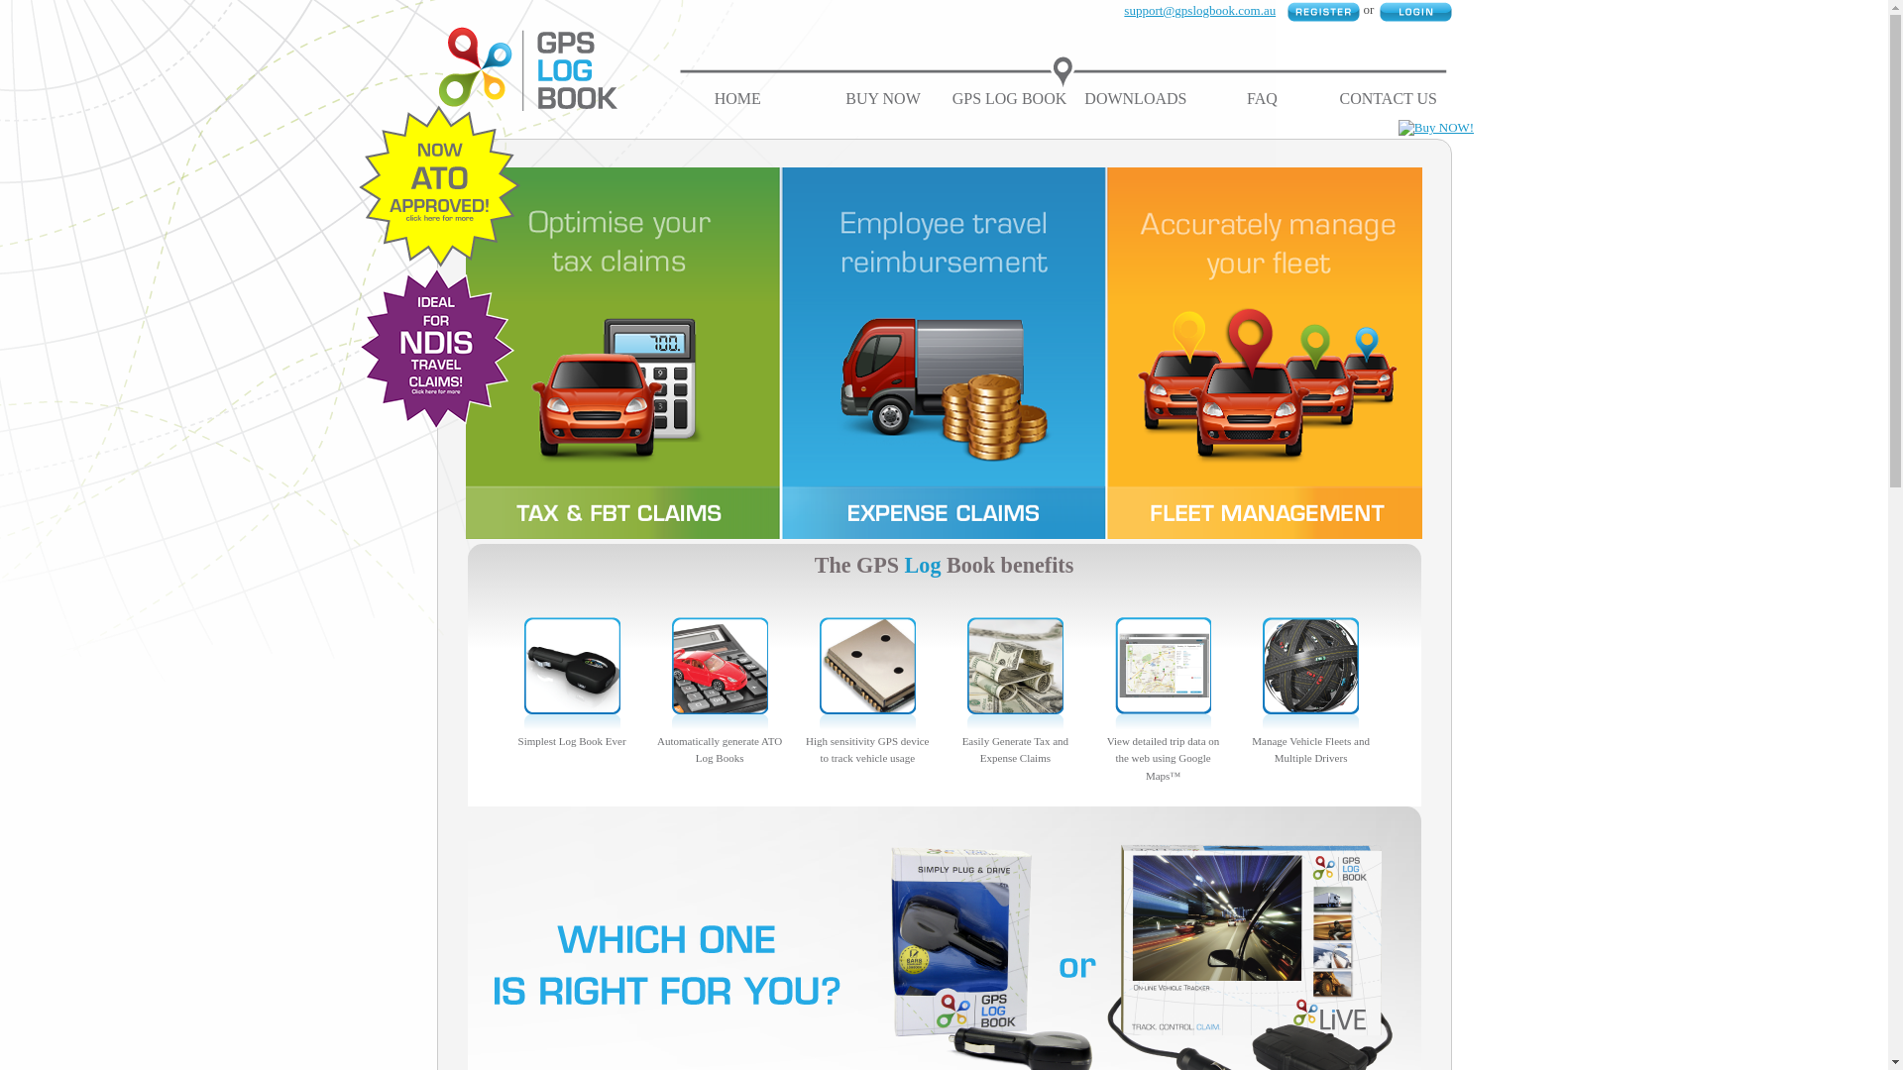  What do you see at coordinates (1198, 10) in the screenshot?
I see `'support@gpslogbook.com.au'` at bounding box center [1198, 10].